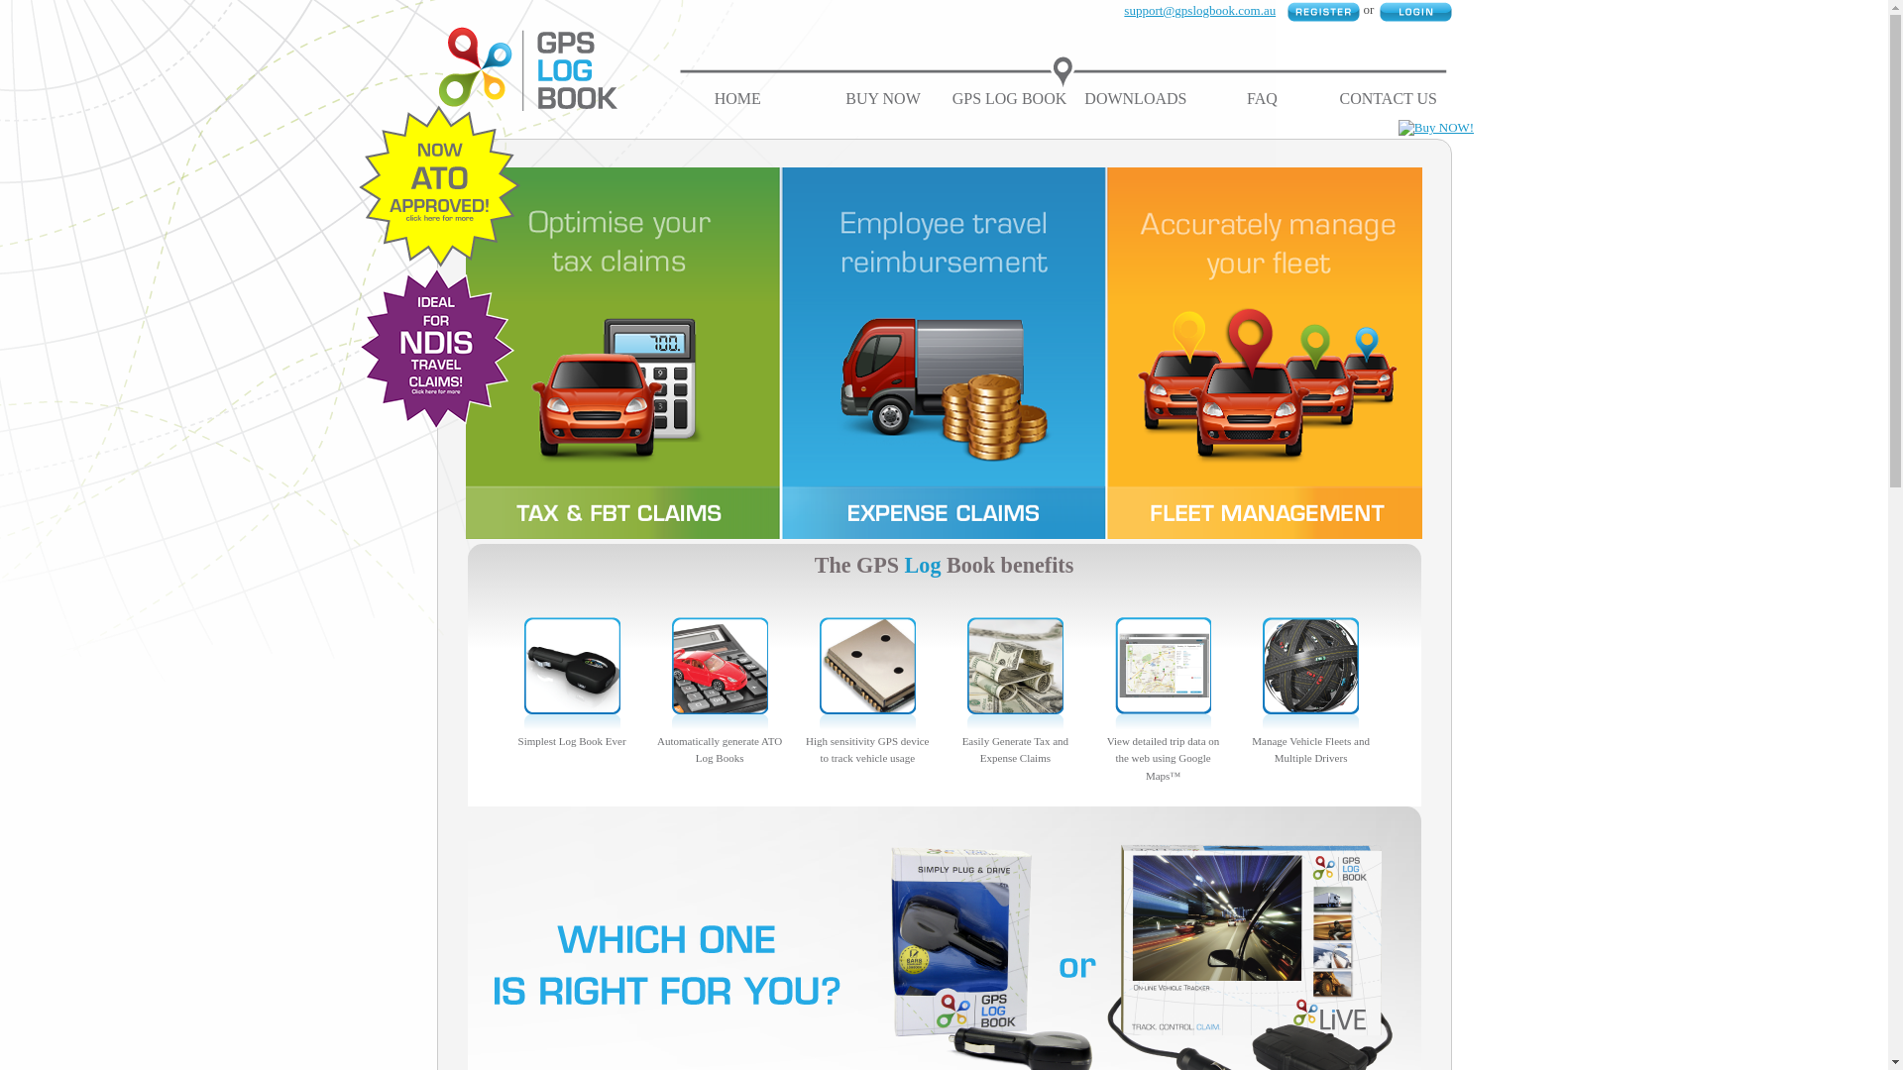  What do you see at coordinates (1198, 10) in the screenshot?
I see `'support@gpslogbook.com.au'` at bounding box center [1198, 10].